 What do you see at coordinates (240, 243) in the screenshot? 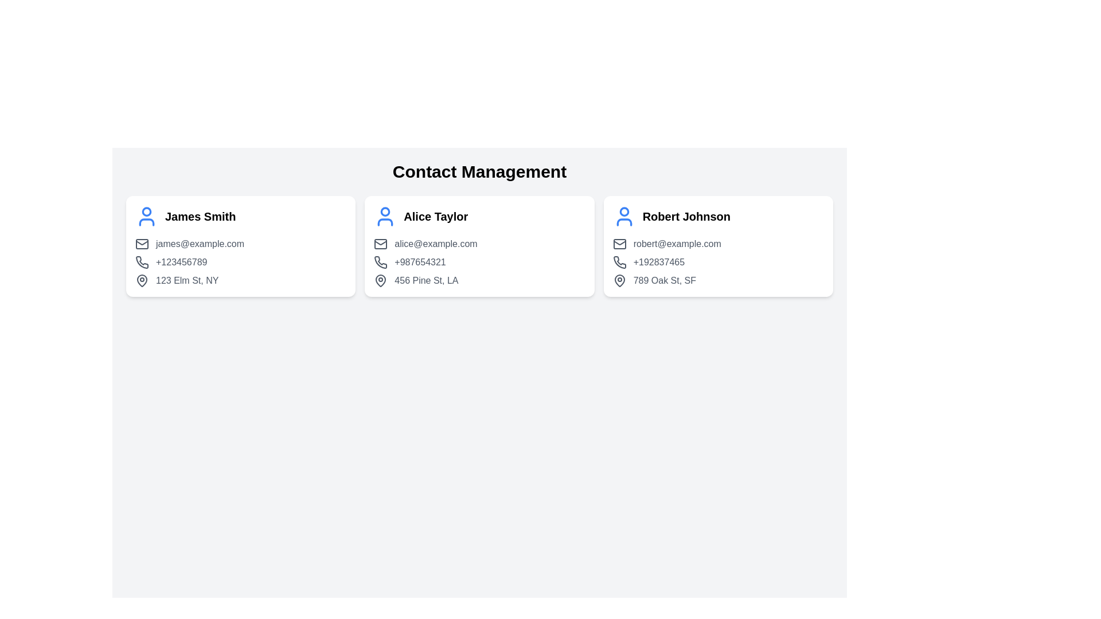
I see `the text block displaying the email address associated with the contact 'James Smith' within his contact card` at bounding box center [240, 243].